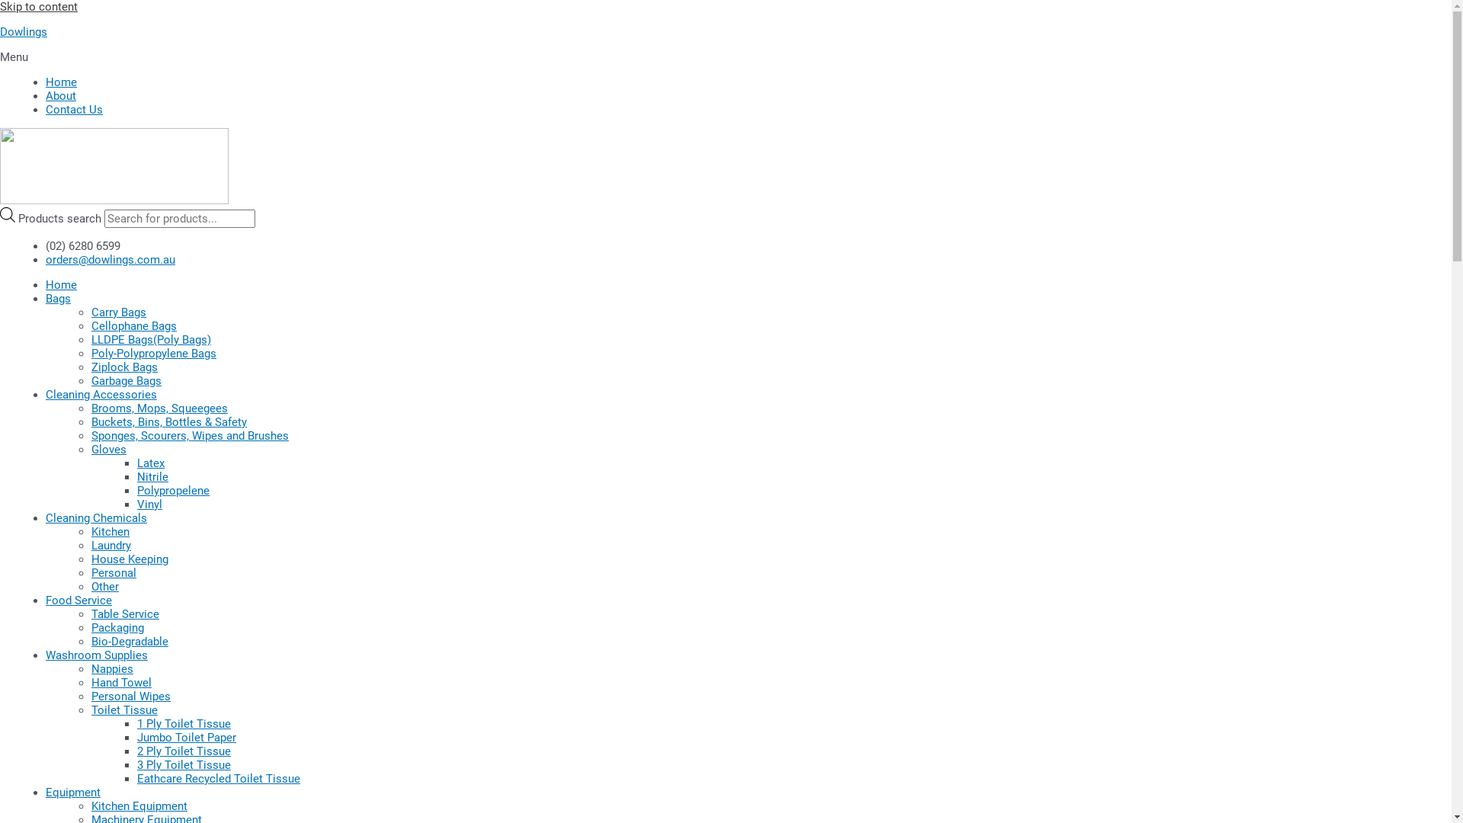 The image size is (1463, 823). What do you see at coordinates (125, 613) in the screenshot?
I see `'Table Service'` at bounding box center [125, 613].